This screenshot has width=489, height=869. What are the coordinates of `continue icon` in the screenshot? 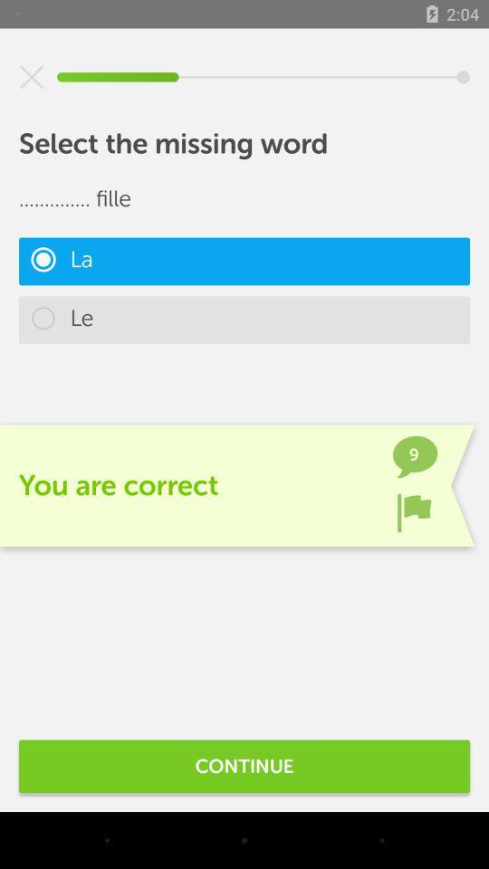 It's located at (244, 765).